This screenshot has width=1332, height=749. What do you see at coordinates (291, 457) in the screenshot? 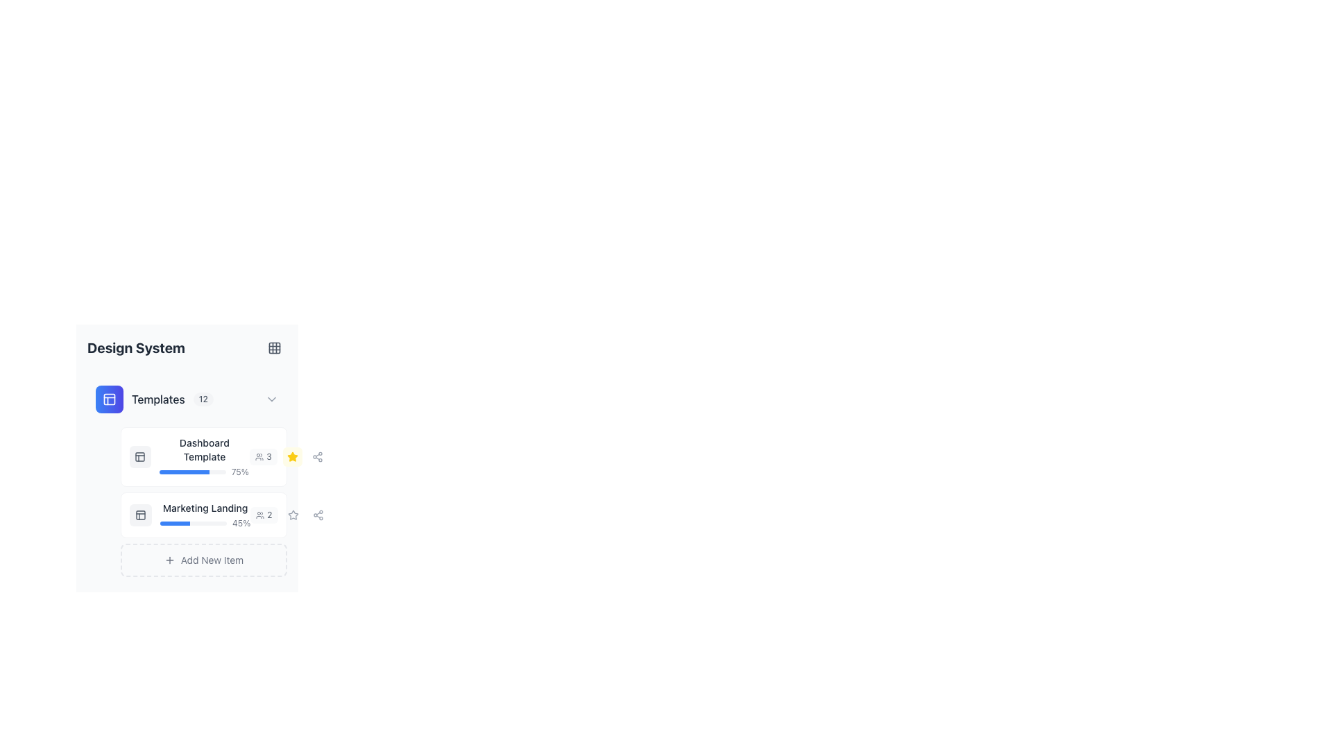
I see `the marking or rating button located to the right of the number '3' inside a rounded rectangular badge to mark it` at bounding box center [291, 457].